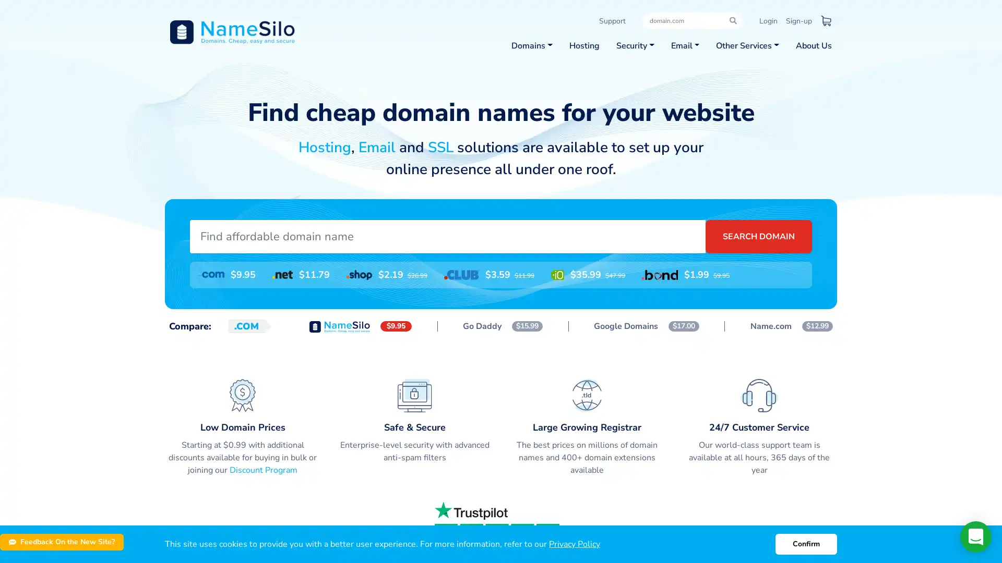 Image resolution: width=1002 pixels, height=563 pixels. What do you see at coordinates (759, 236) in the screenshot?
I see `SEARCH DOMAIN` at bounding box center [759, 236].